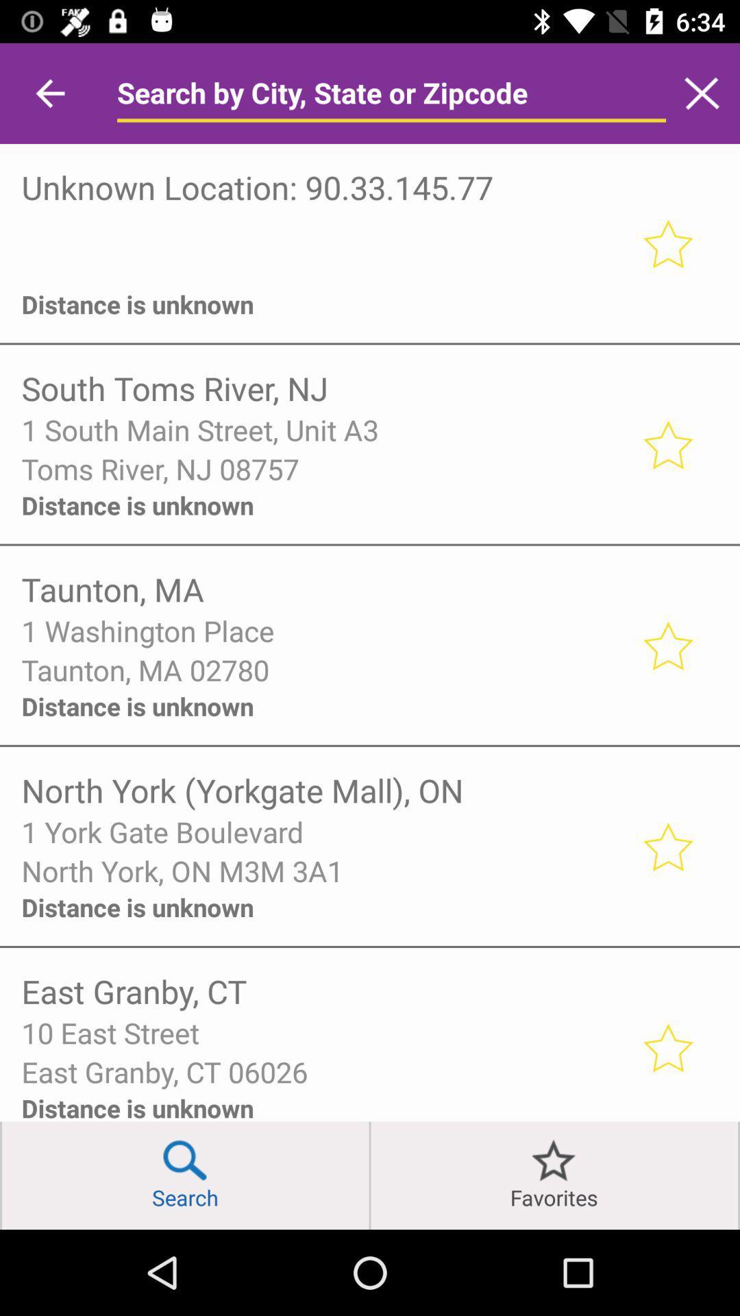  Describe the element at coordinates (49, 93) in the screenshot. I see `icon above unknown location 90 item` at that location.